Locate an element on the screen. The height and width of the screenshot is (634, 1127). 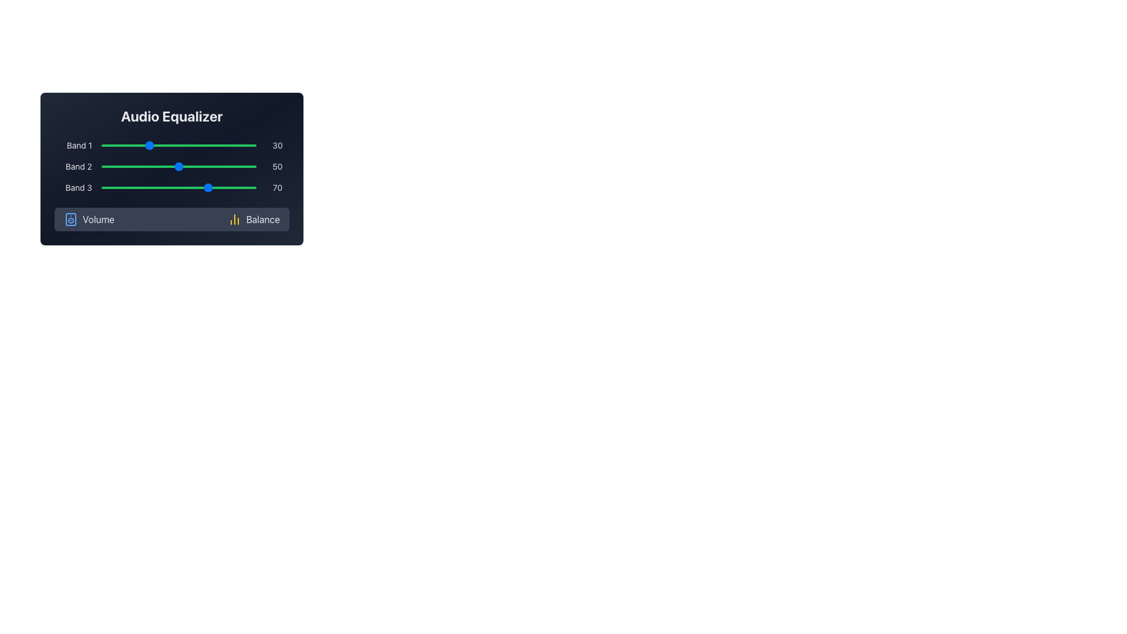
the track of the horizontal slider labeled 'Band 3' to set the thumb position directly is located at coordinates (171, 187).